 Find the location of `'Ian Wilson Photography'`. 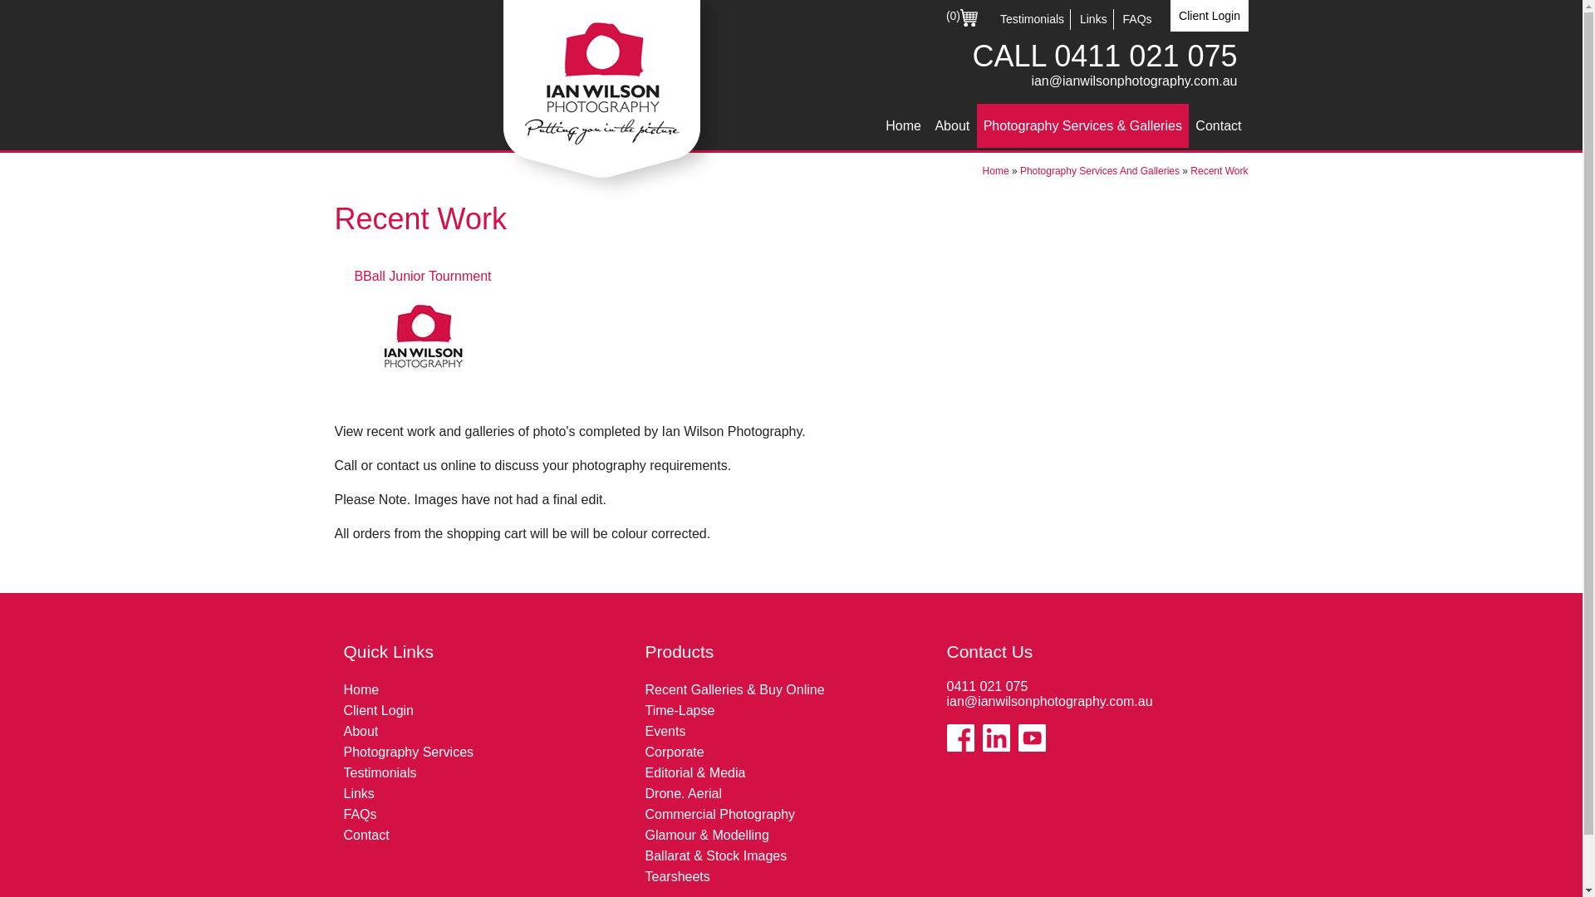

'Ian Wilson Photography' is located at coordinates (502, 89).